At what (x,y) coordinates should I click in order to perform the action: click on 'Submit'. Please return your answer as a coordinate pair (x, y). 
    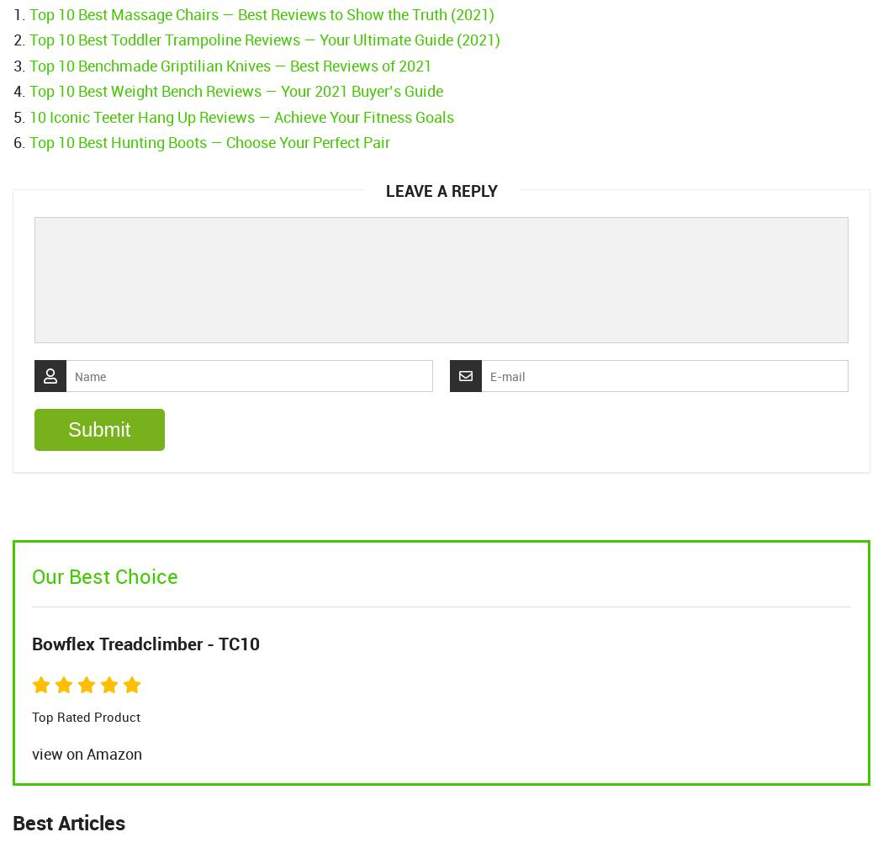
    Looking at the image, I should click on (98, 429).